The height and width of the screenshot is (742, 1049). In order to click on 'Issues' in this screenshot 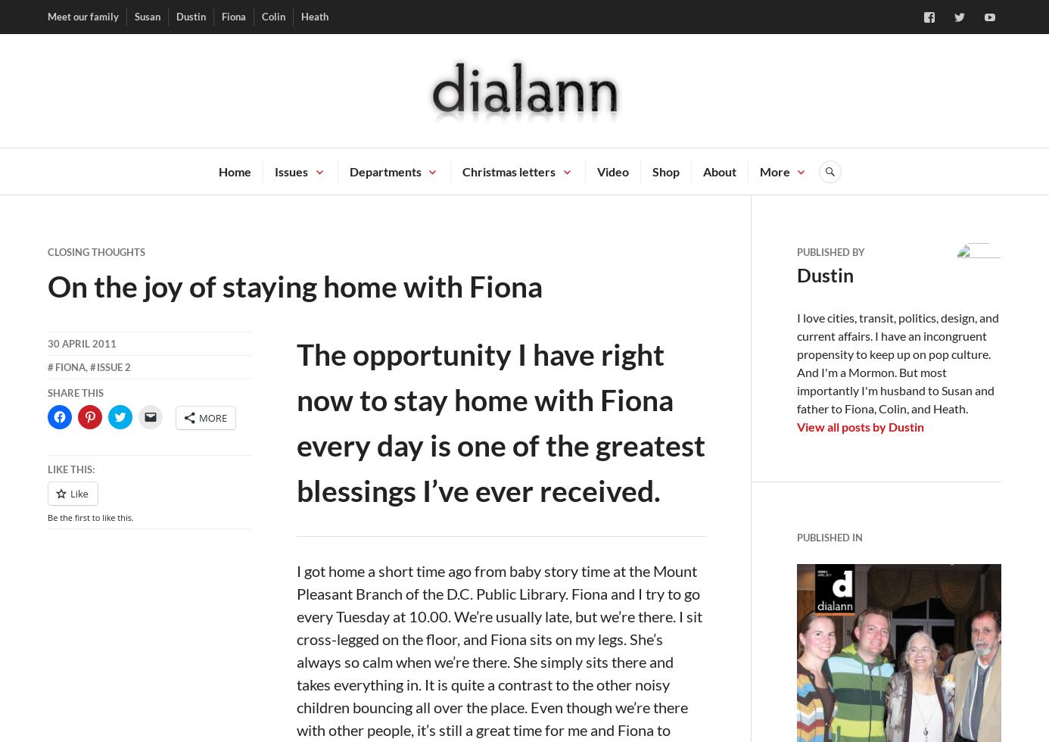, I will do `click(273, 170)`.